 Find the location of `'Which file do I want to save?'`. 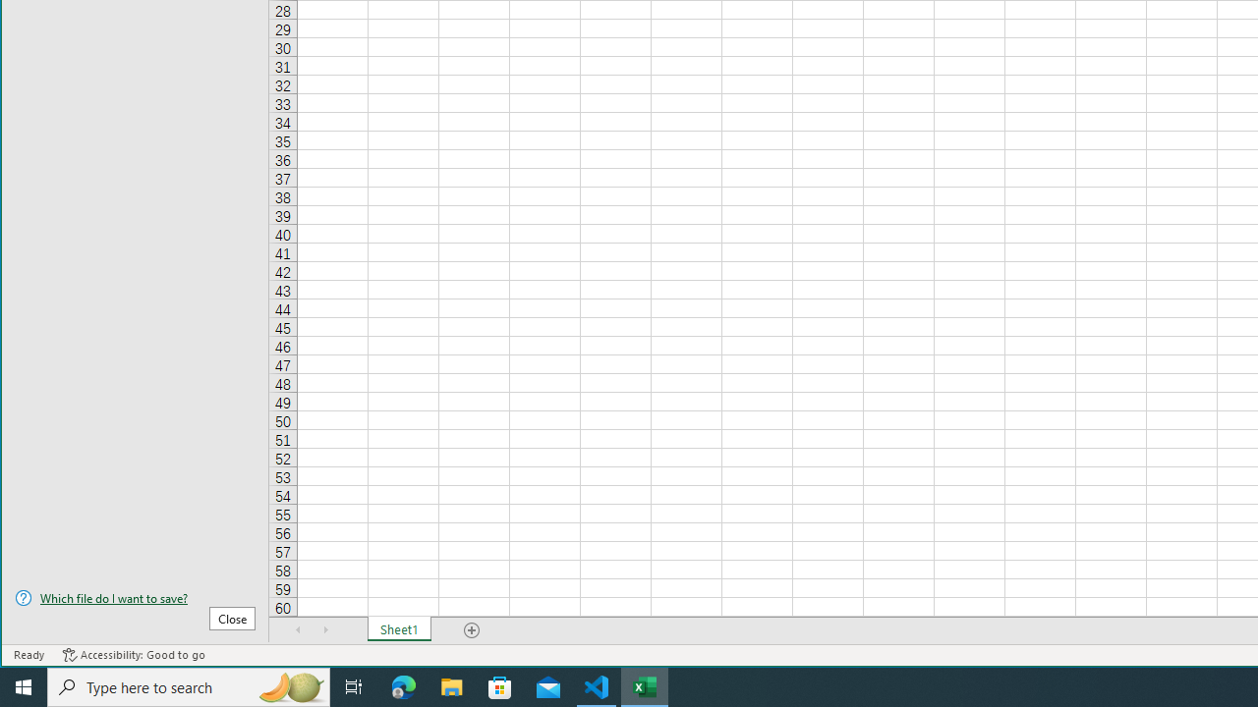

'Which file do I want to save?' is located at coordinates (134, 597).